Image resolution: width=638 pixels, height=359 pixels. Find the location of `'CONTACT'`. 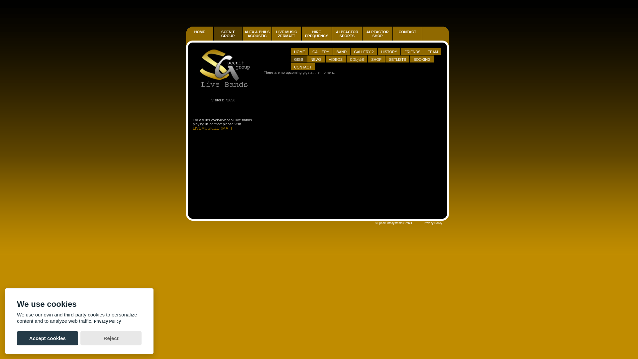

'CONTACT' is located at coordinates (302, 67).